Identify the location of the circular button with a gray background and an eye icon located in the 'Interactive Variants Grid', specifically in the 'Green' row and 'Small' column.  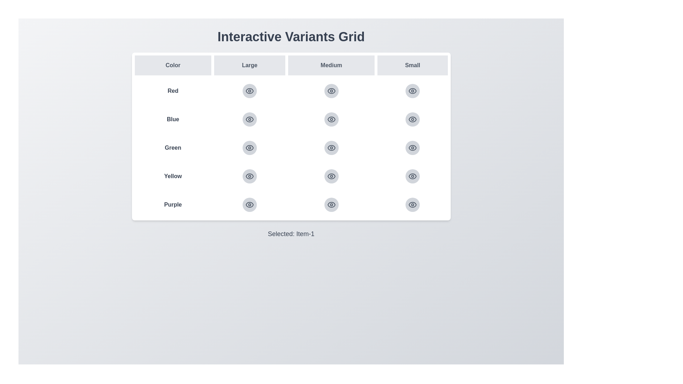
(413, 148).